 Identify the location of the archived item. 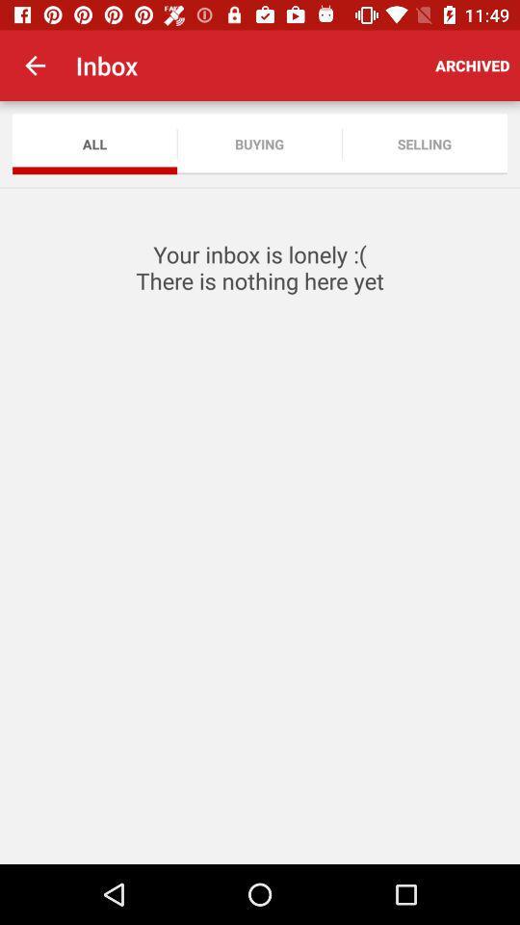
(471, 66).